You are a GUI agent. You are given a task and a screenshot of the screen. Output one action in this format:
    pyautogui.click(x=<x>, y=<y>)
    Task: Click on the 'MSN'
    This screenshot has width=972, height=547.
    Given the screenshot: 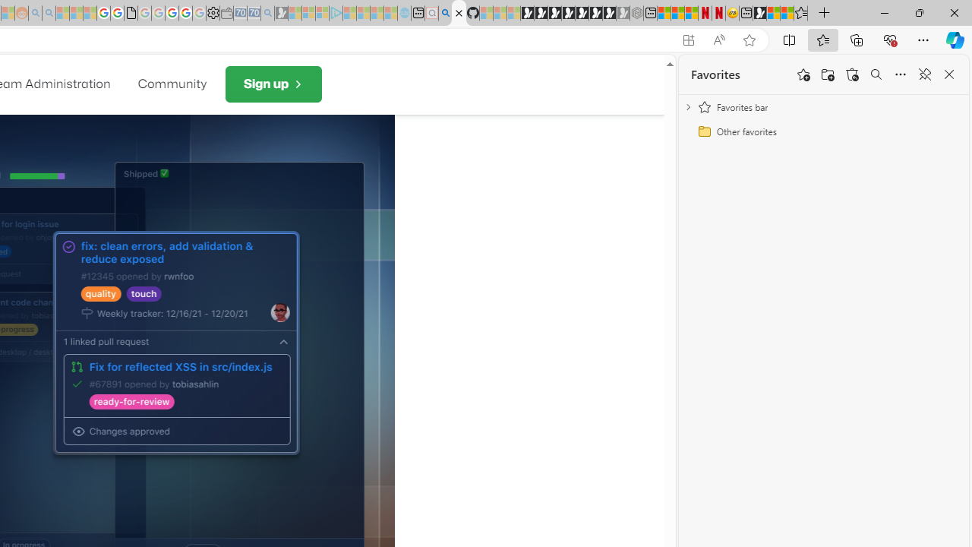 What is the action you would take?
    pyautogui.click(x=759, y=13)
    